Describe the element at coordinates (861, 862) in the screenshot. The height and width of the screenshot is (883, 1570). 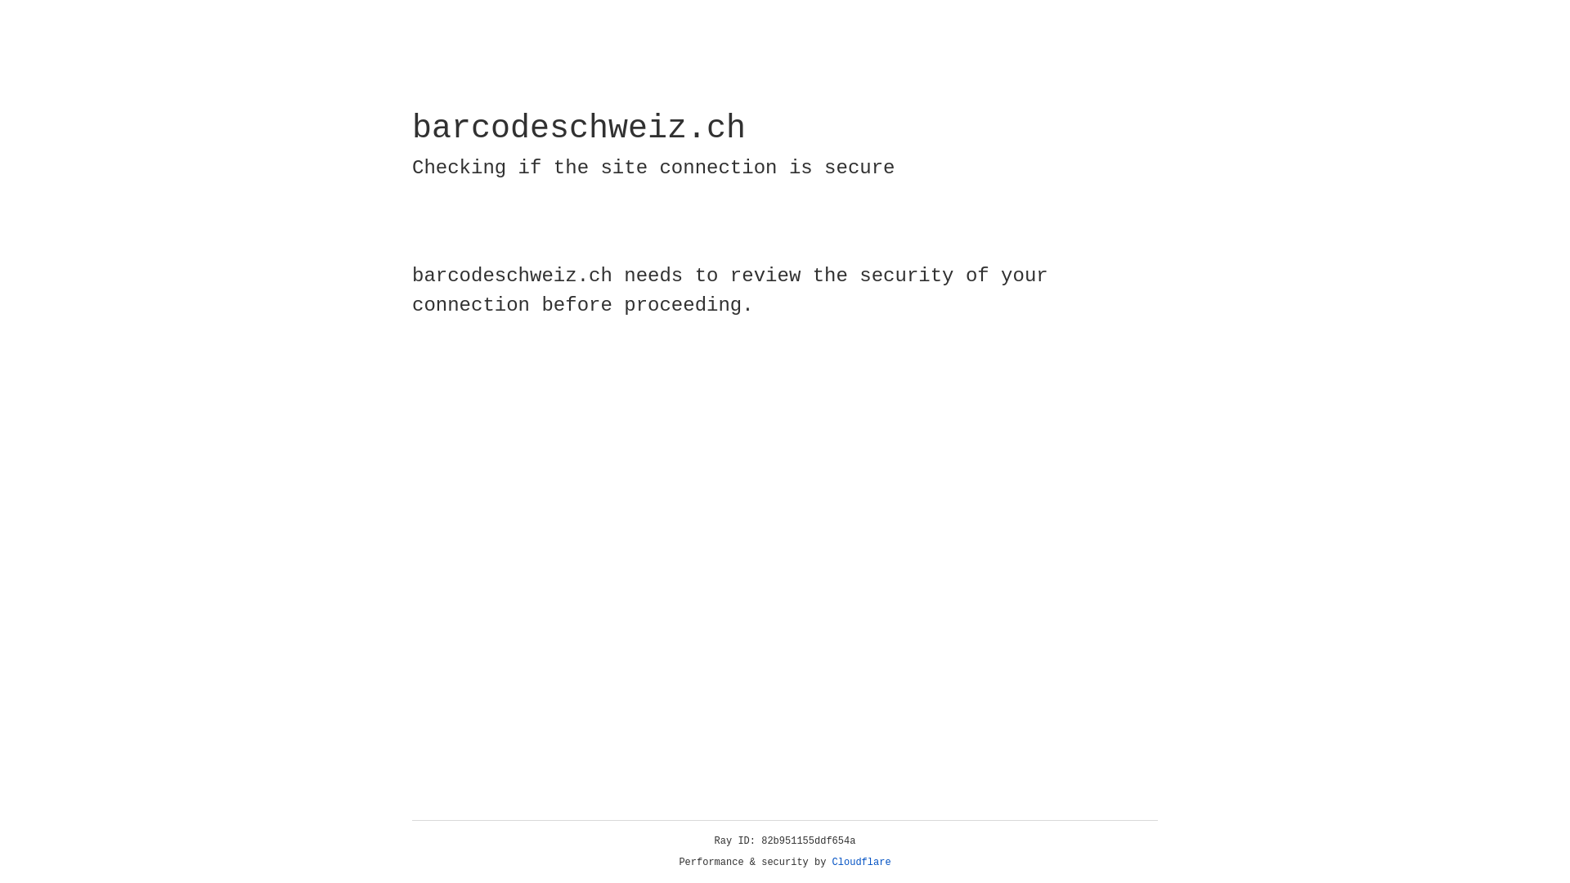
I see `'Cloudflare'` at that location.